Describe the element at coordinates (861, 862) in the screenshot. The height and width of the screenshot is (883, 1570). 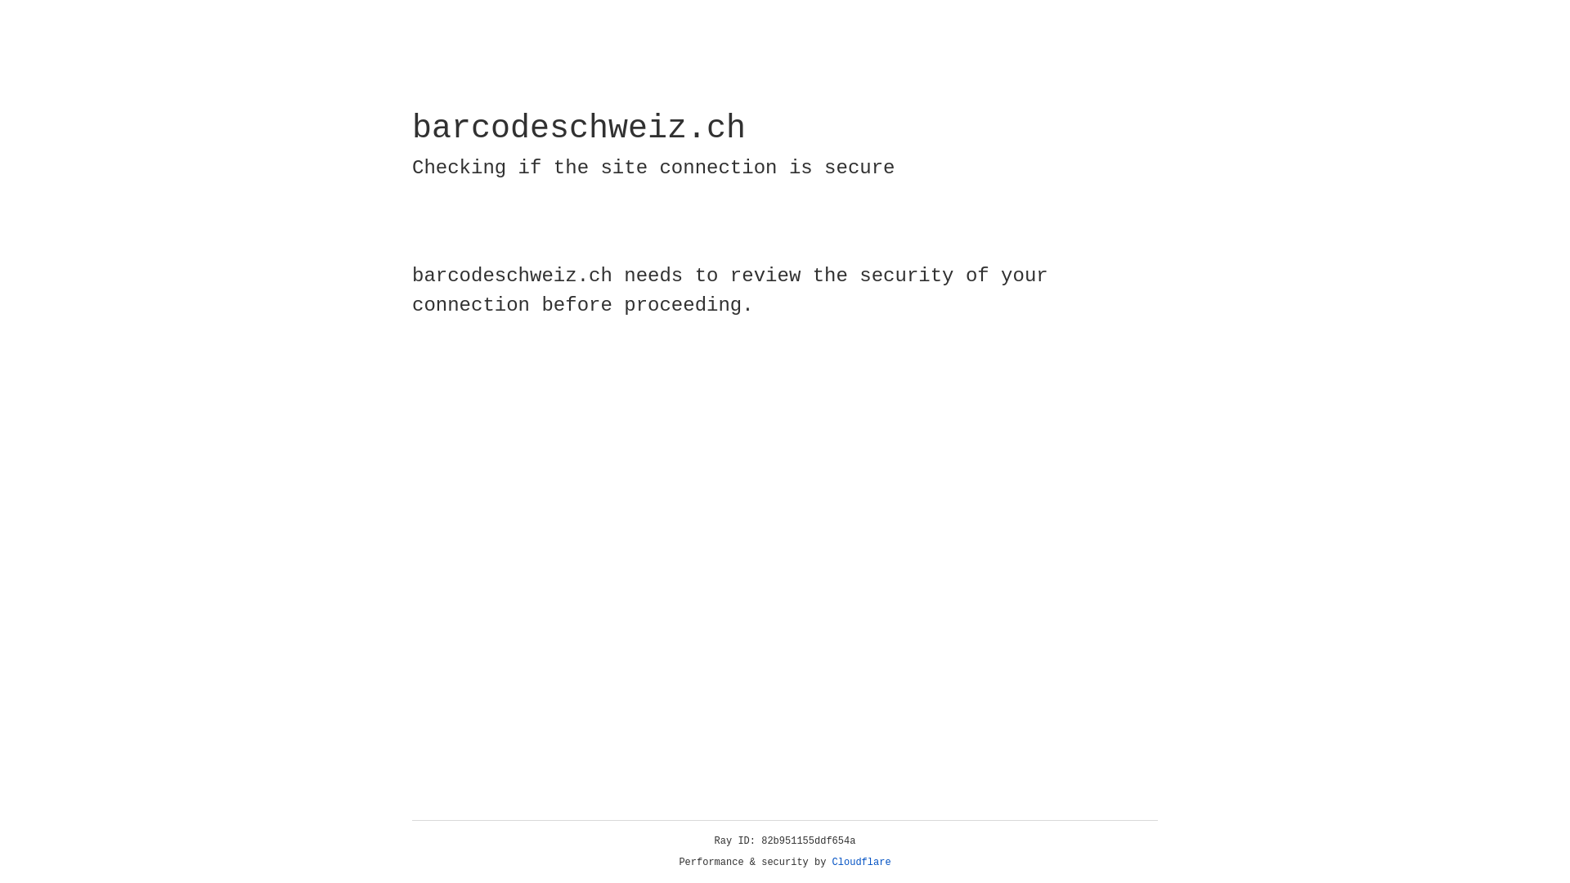
I see `'Cloudflare'` at that location.